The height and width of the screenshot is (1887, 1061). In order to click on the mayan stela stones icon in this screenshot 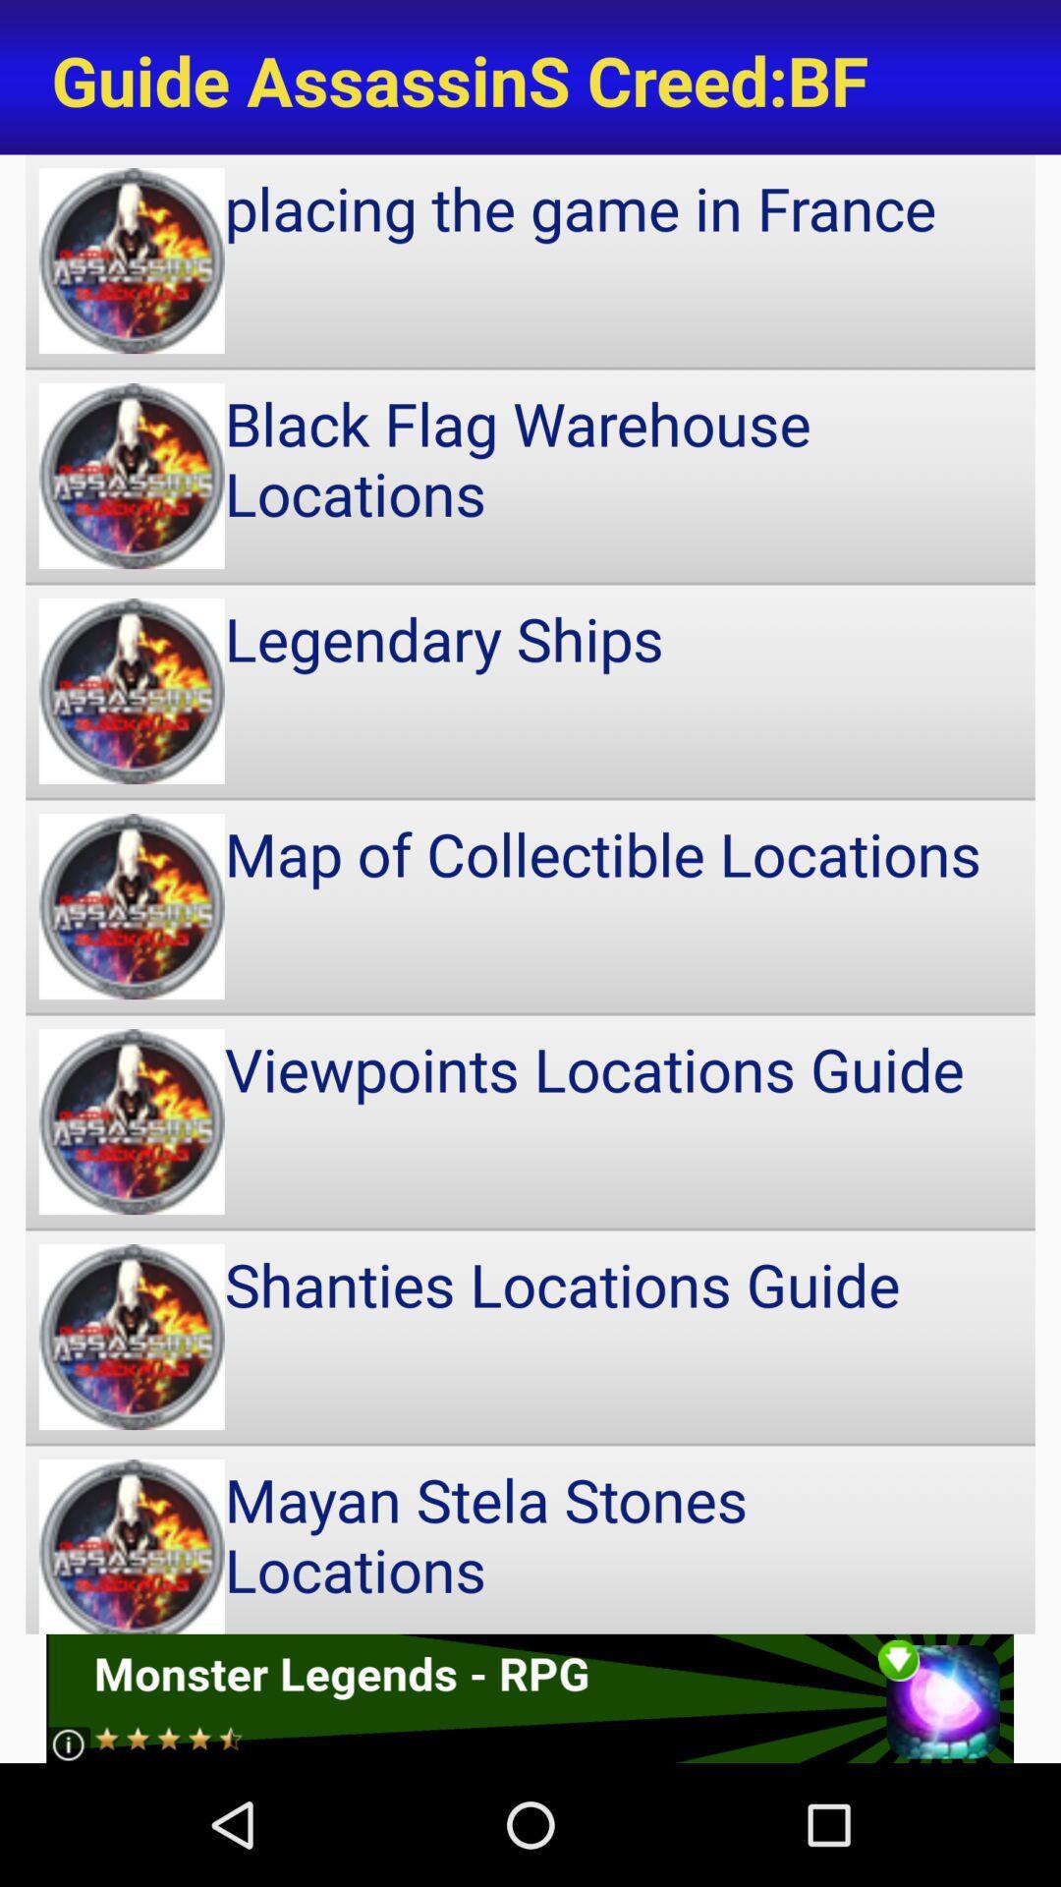, I will do `click(530, 1539)`.